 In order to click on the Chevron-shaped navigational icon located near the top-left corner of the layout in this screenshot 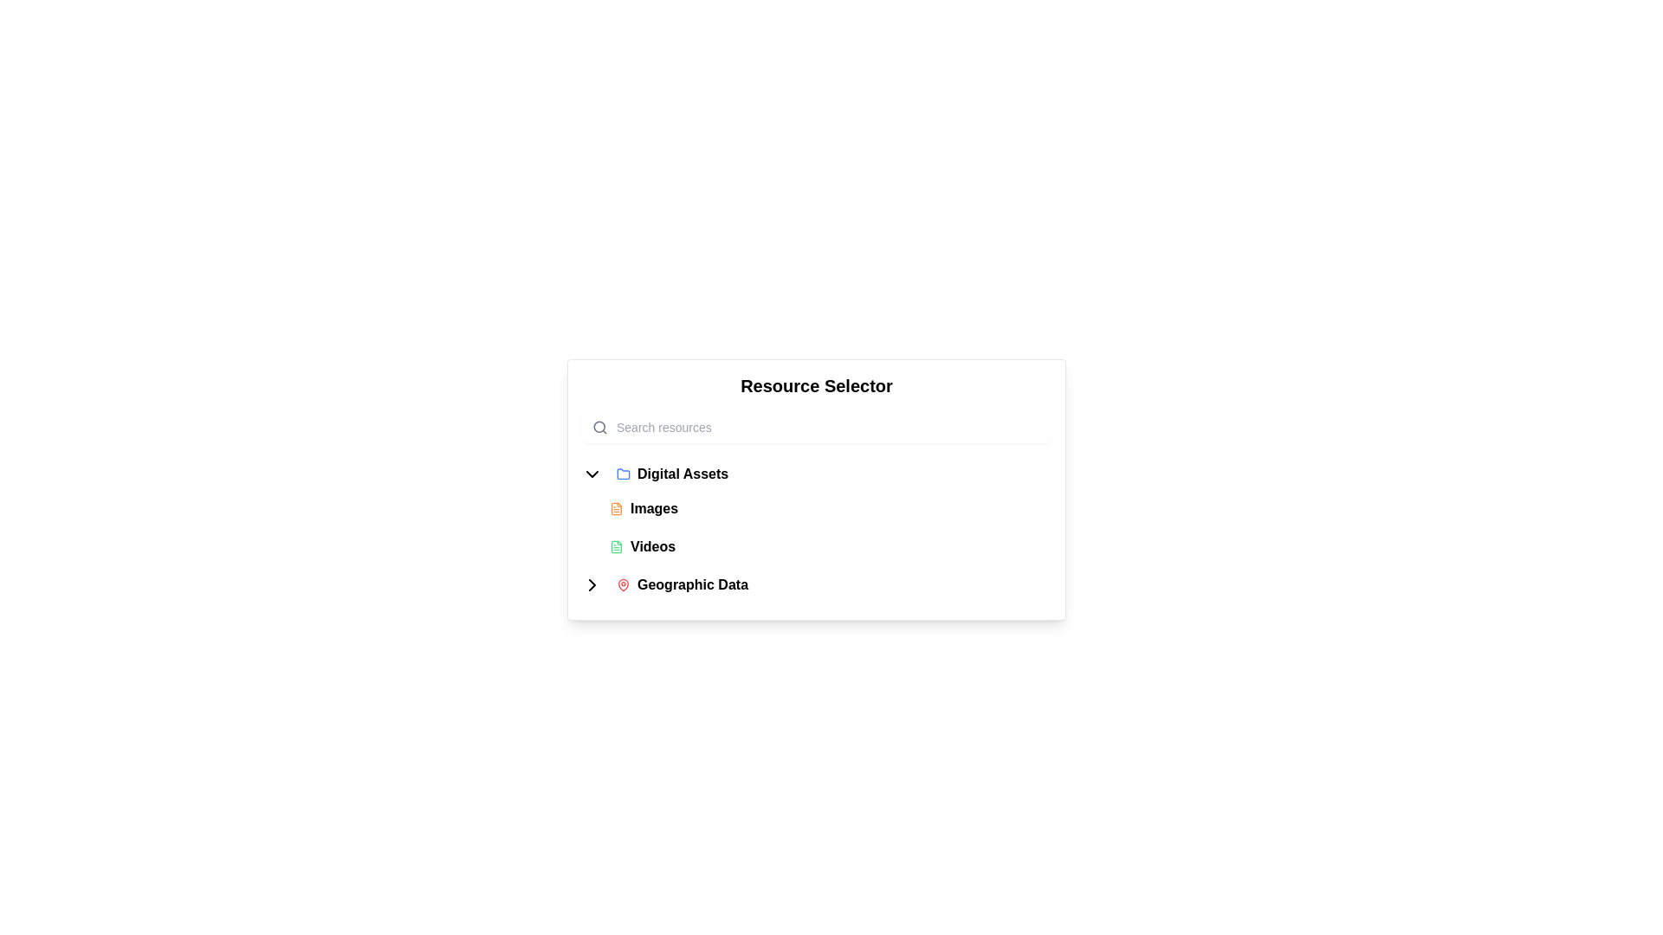, I will do `click(592, 584)`.